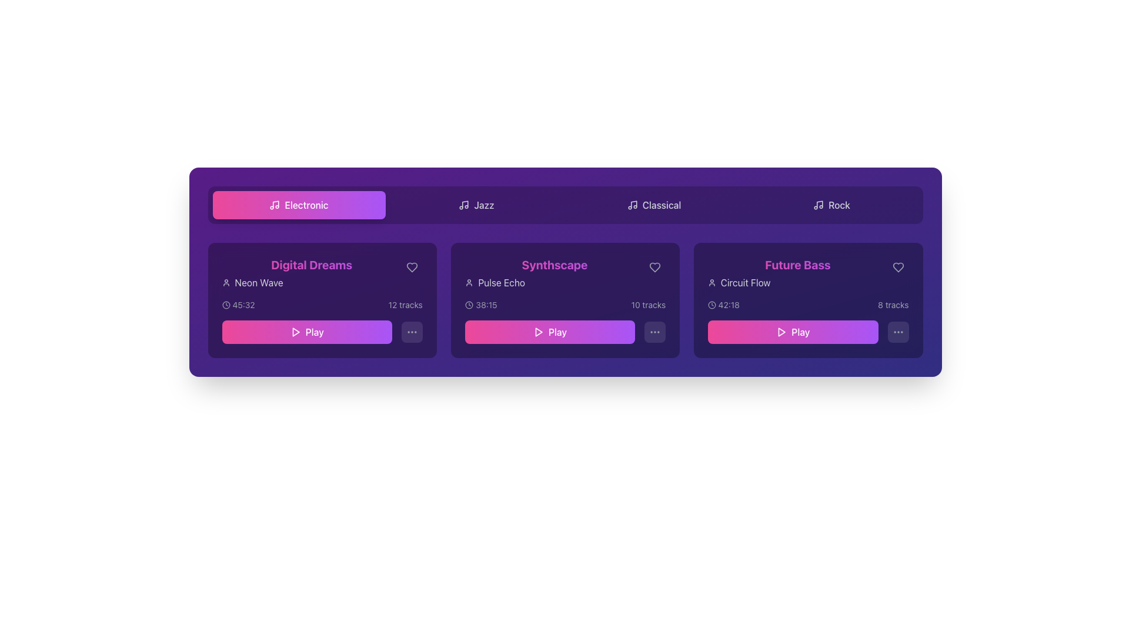  Describe the element at coordinates (484, 204) in the screenshot. I see `the 'Jazz' genre option in the navigation menu` at that location.